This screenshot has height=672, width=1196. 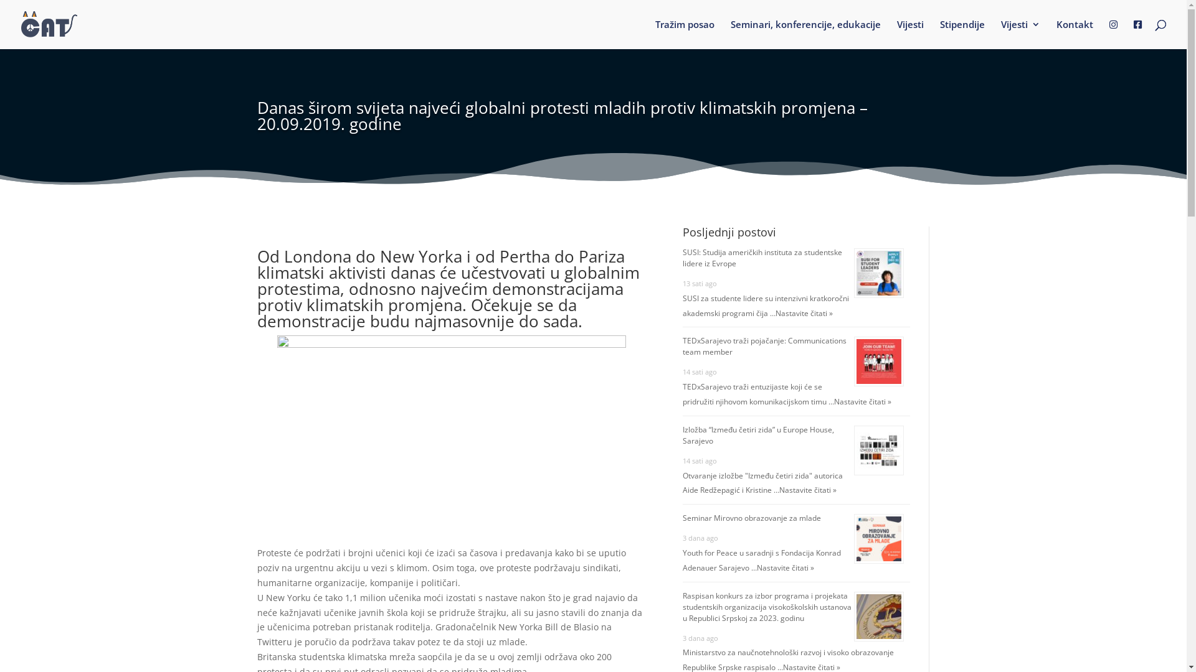 What do you see at coordinates (962, 33) in the screenshot?
I see `'Stipendije'` at bounding box center [962, 33].